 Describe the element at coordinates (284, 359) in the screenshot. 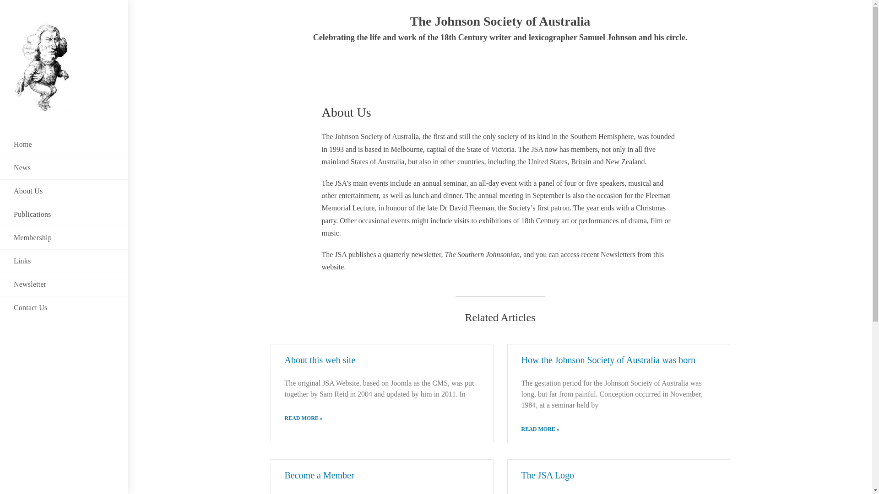

I see `'About this web site'` at that location.